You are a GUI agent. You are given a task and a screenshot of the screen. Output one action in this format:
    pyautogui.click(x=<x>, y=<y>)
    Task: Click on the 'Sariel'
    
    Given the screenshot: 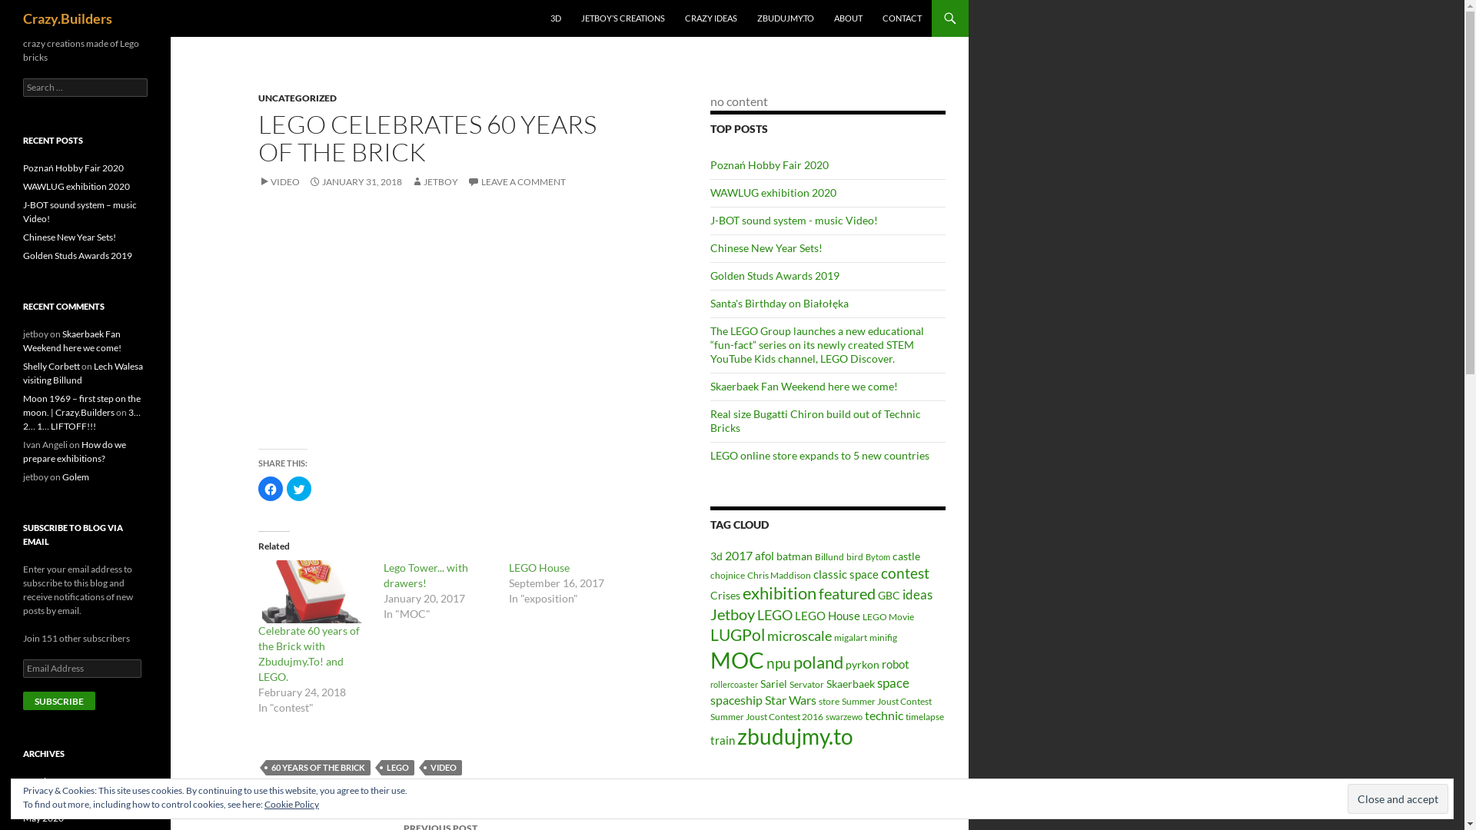 What is the action you would take?
    pyautogui.click(x=773, y=683)
    